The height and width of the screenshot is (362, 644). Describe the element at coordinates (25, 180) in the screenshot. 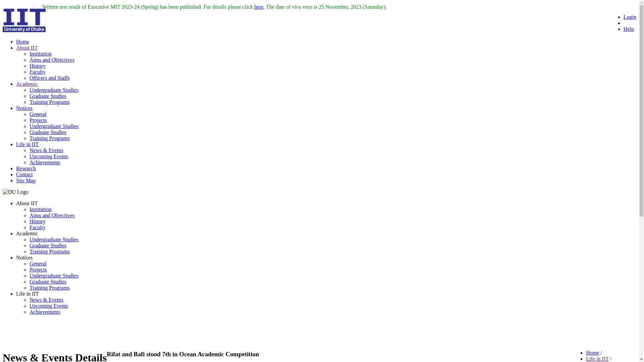

I see `'Site Map'` at that location.